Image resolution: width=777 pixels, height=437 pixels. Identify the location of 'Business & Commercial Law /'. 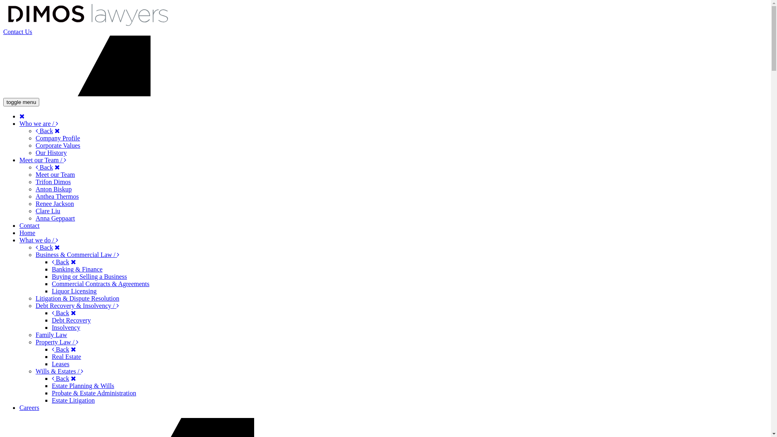
(77, 254).